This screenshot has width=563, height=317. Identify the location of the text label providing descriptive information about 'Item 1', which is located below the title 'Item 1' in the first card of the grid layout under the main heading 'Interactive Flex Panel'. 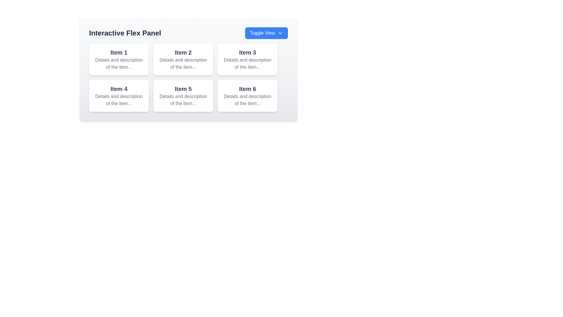
(118, 63).